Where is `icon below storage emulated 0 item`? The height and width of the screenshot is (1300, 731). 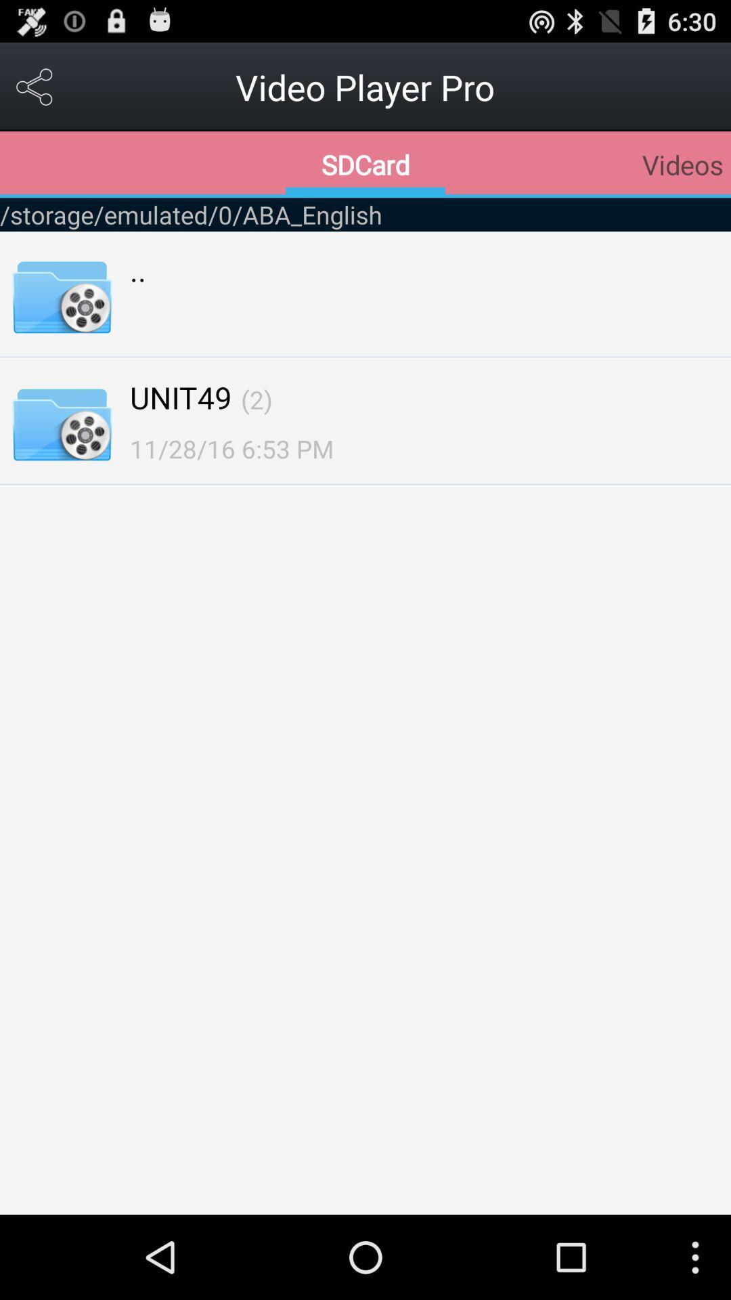 icon below storage emulated 0 item is located at coordinates (138, 269).